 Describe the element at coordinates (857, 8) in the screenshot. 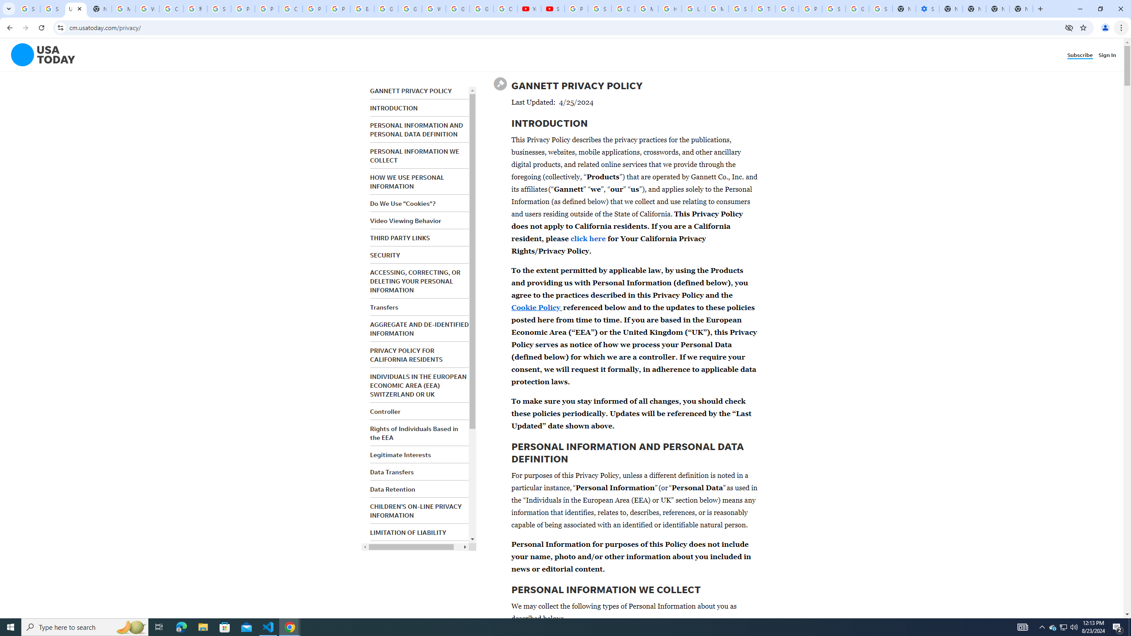

I see `'Google Cybersecurity Innovations - Google Safety Center'` at that location.